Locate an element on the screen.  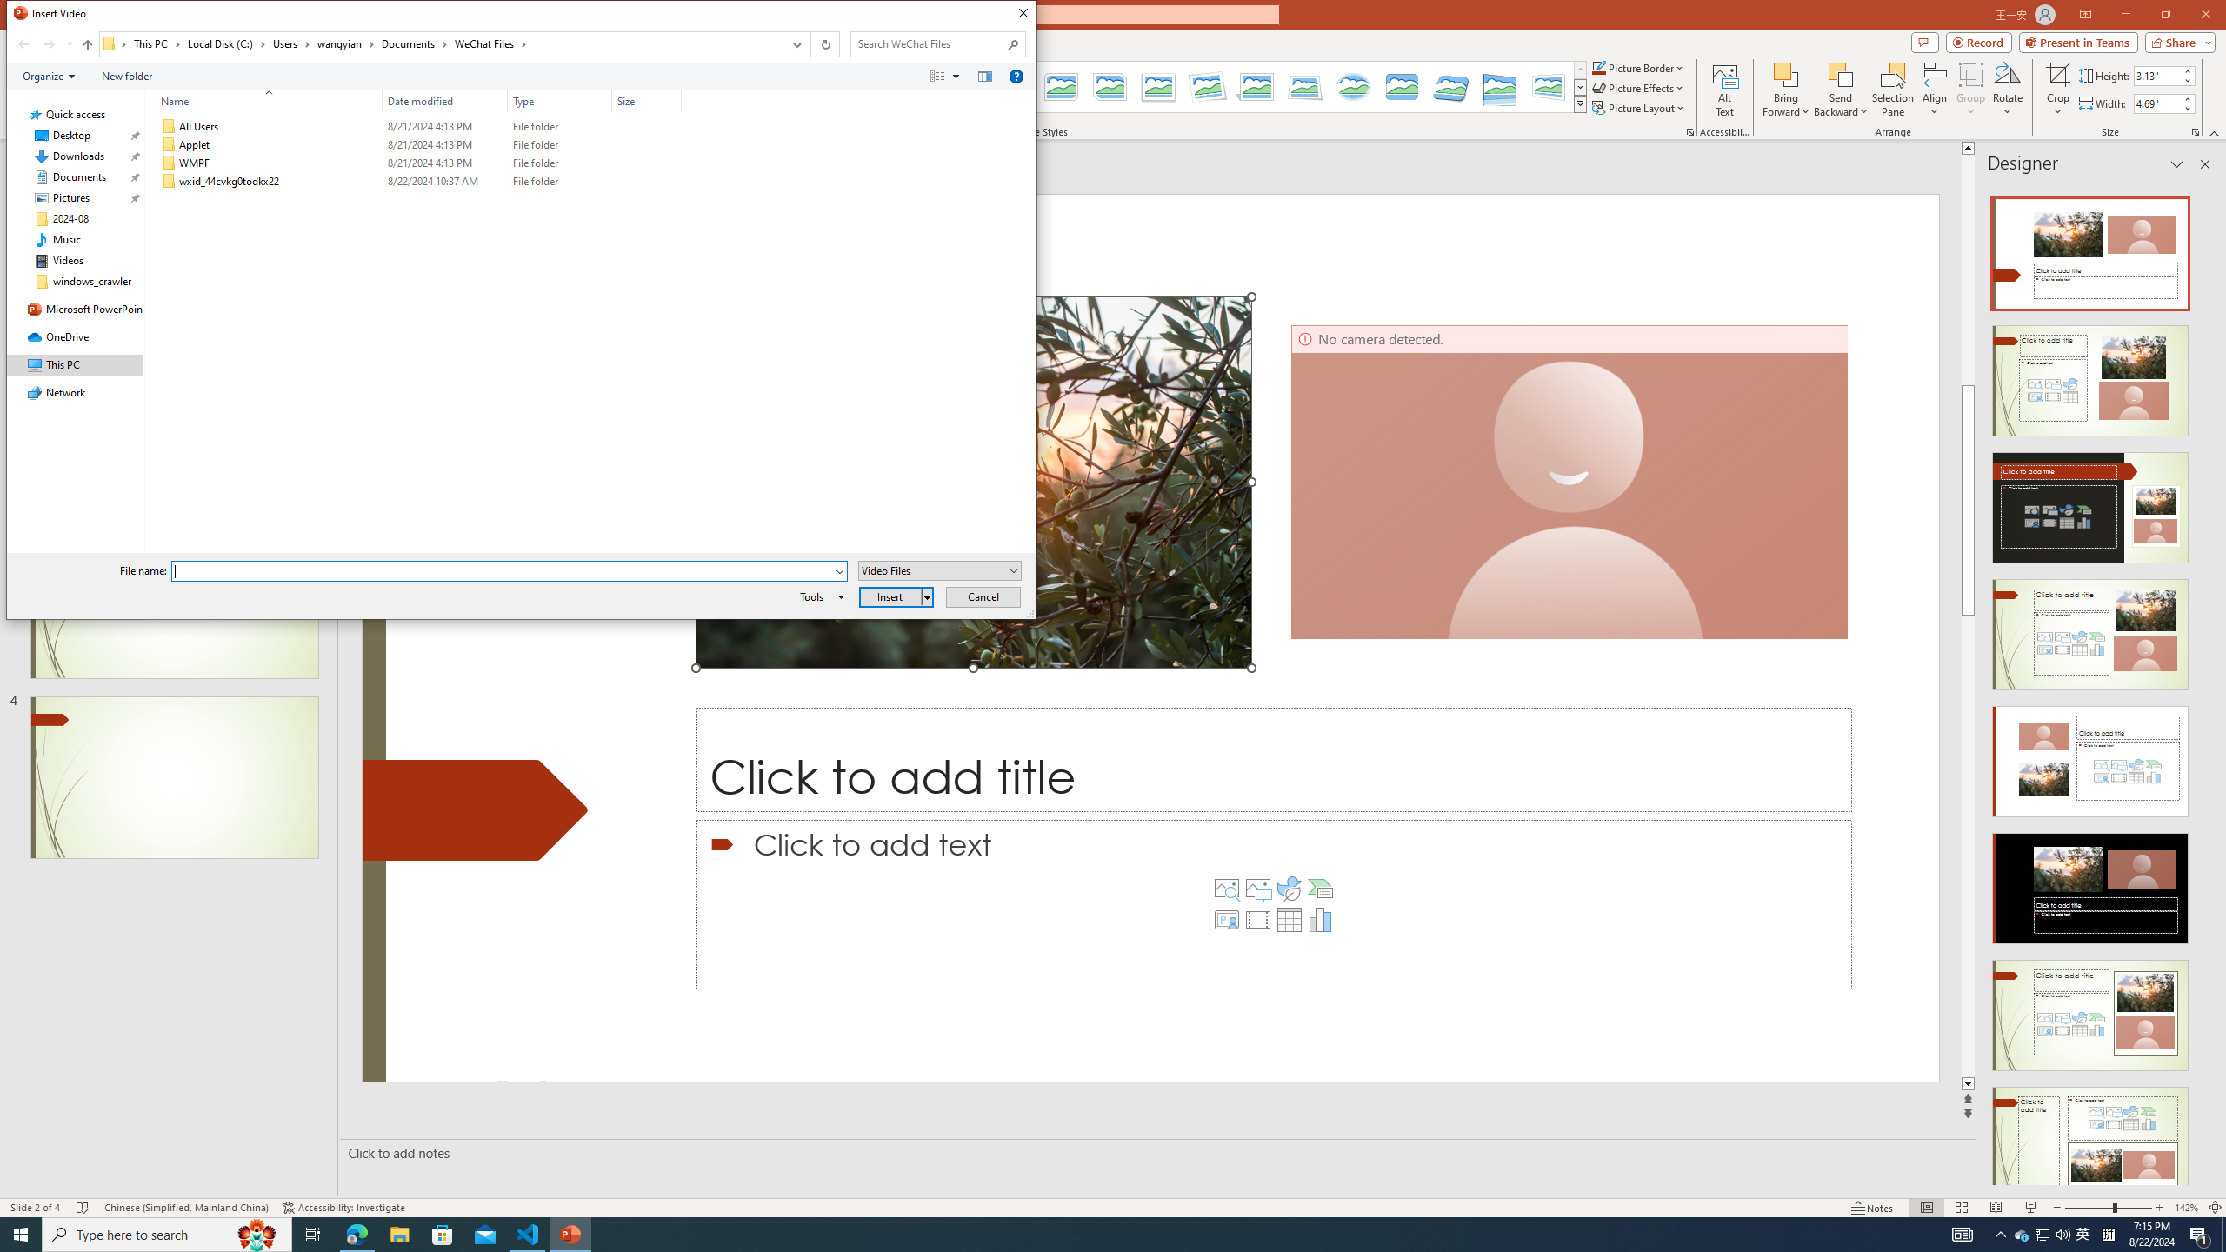
'Size' is located at coordinates (645, 100).